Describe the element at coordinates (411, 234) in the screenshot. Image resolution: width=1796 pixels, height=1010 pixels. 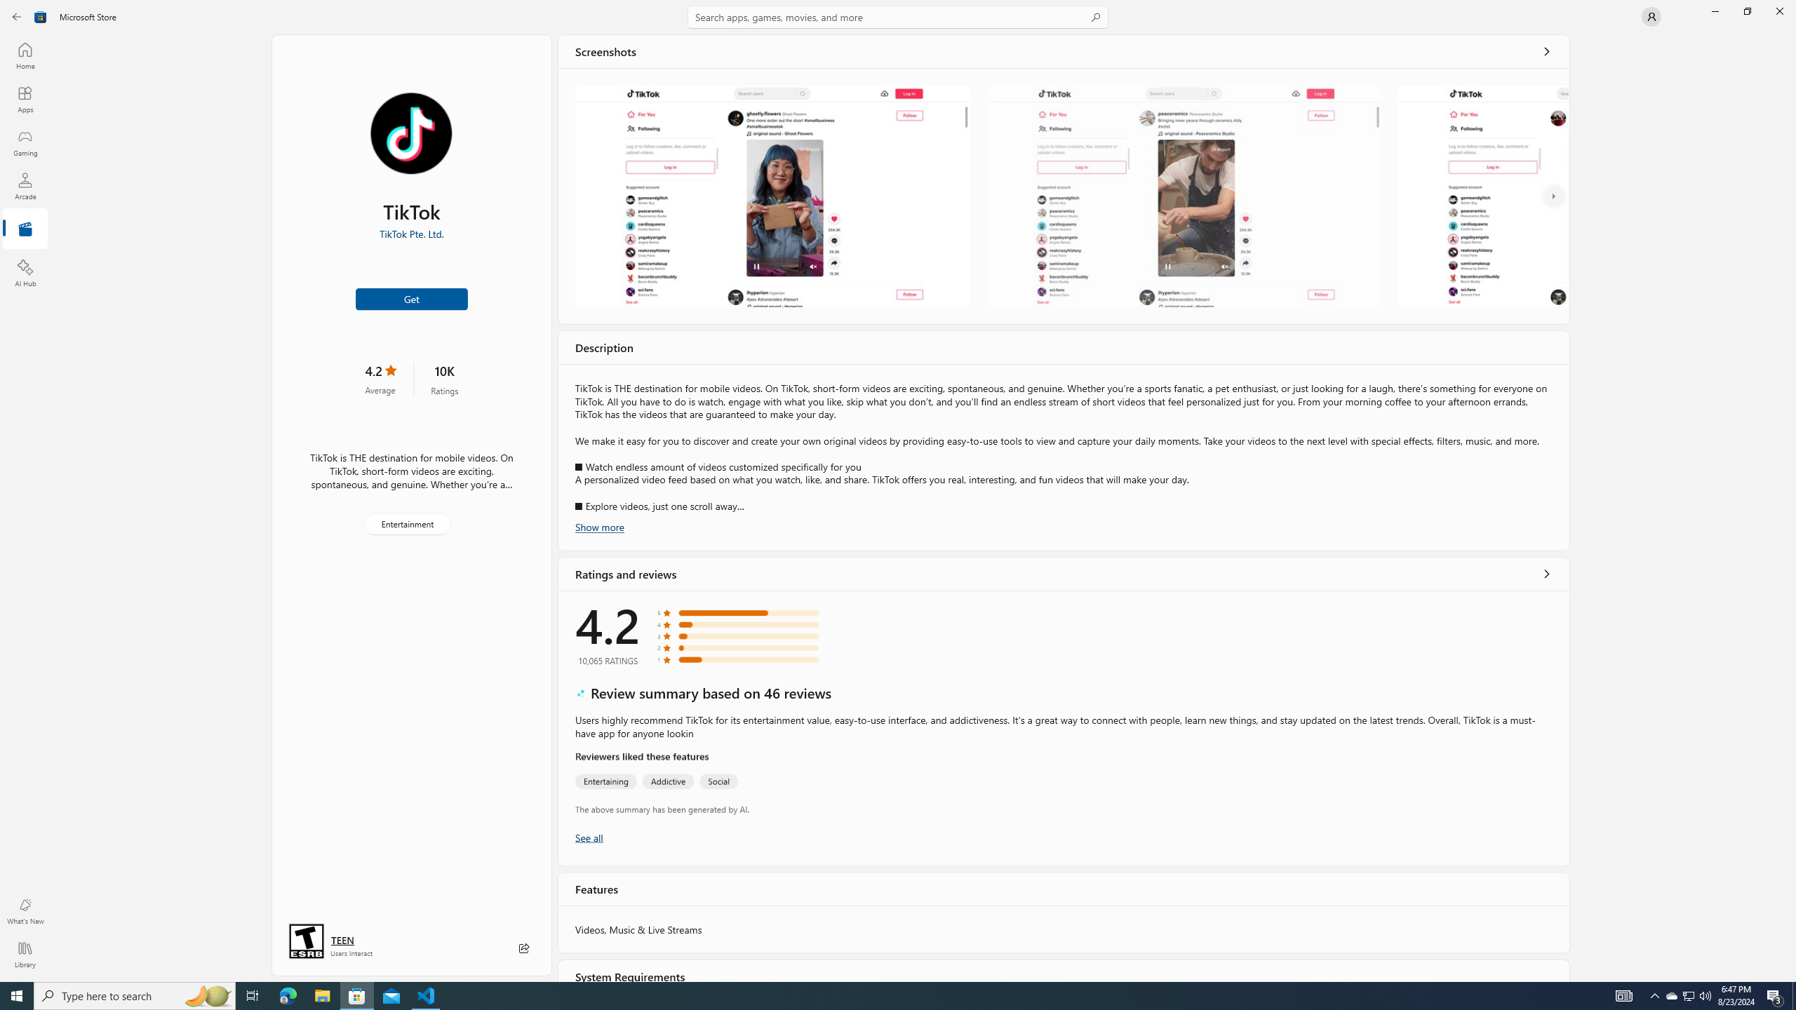
I see `'TikTok Pte. Ltd.'` at that location.